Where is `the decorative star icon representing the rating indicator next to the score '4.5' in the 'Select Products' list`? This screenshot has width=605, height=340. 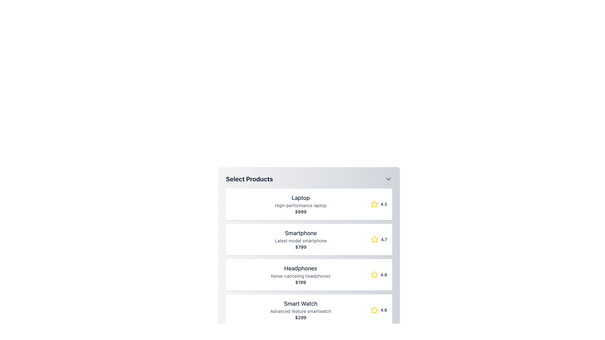
the decorative star icon representing the rating indicator next to the score '4.5' in the 'Select Products' list is located at coordinates (374, 204).